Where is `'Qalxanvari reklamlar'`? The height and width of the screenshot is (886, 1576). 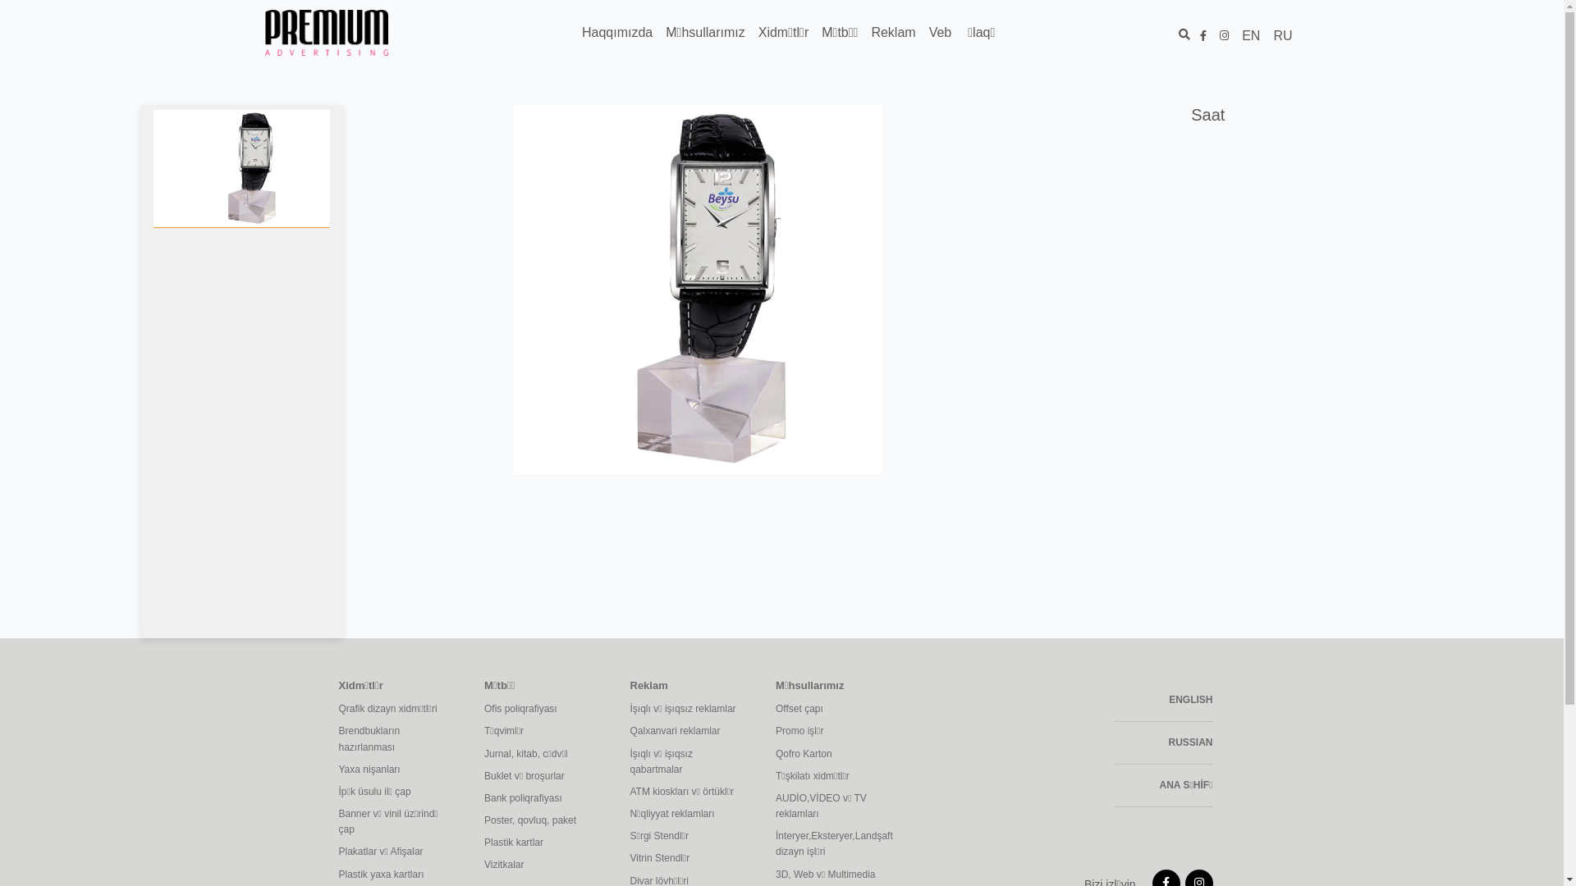
'Qalxanvari reklamlar' is located at coordinates (630, 730).